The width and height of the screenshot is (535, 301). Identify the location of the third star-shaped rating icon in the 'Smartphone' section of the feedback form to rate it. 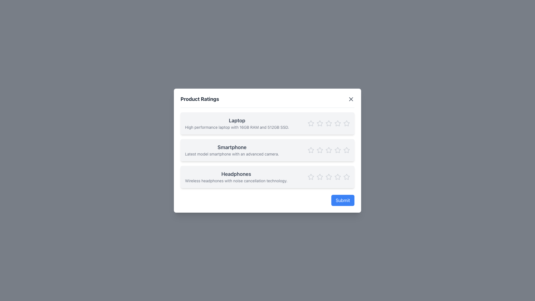
(320, 149).